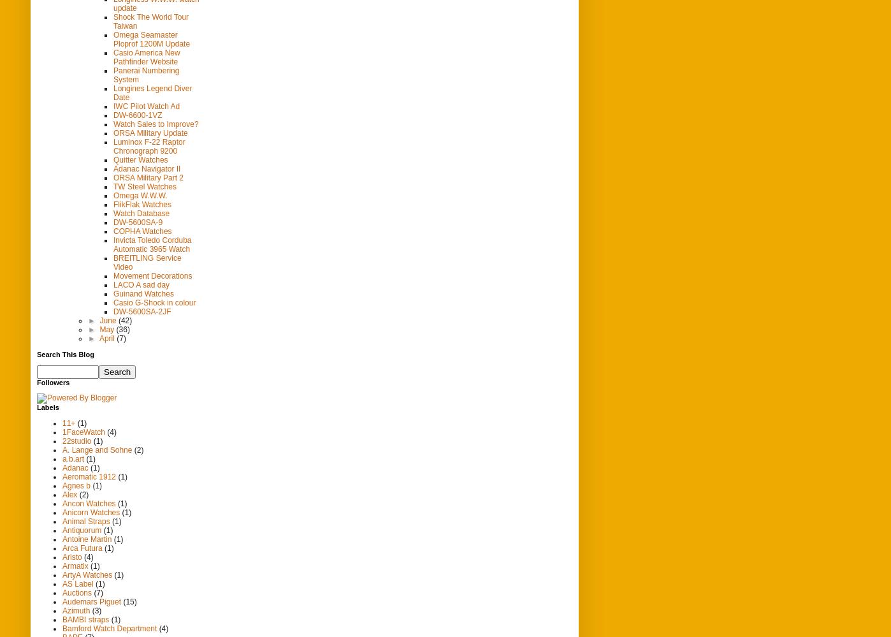  What do you see at coordinates (62, 432) in the screenshot?
I see `'1FaceWatch'` at bounding box center [62, 432].